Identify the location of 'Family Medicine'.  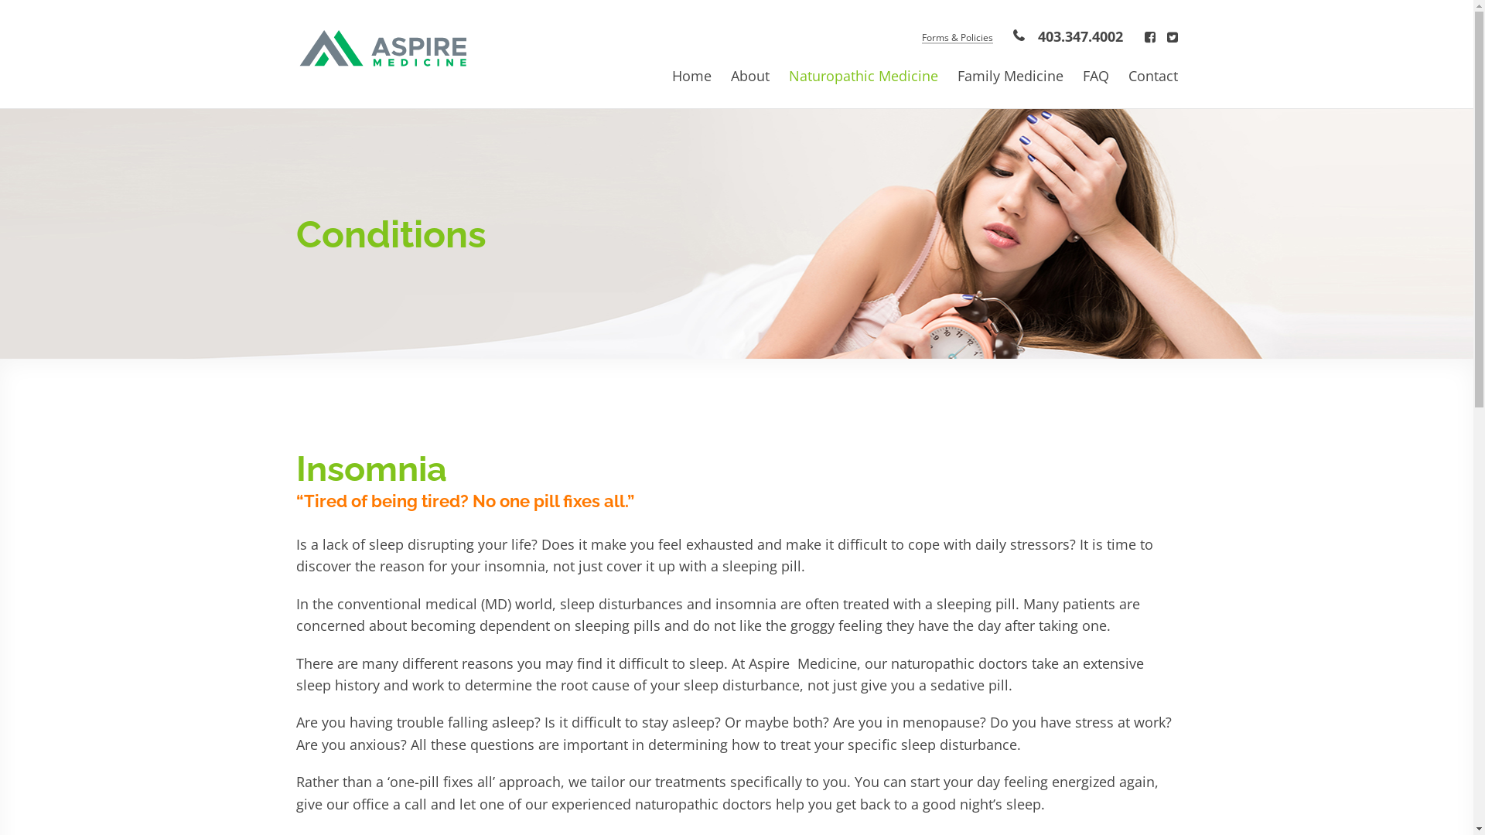
(1010, 75).